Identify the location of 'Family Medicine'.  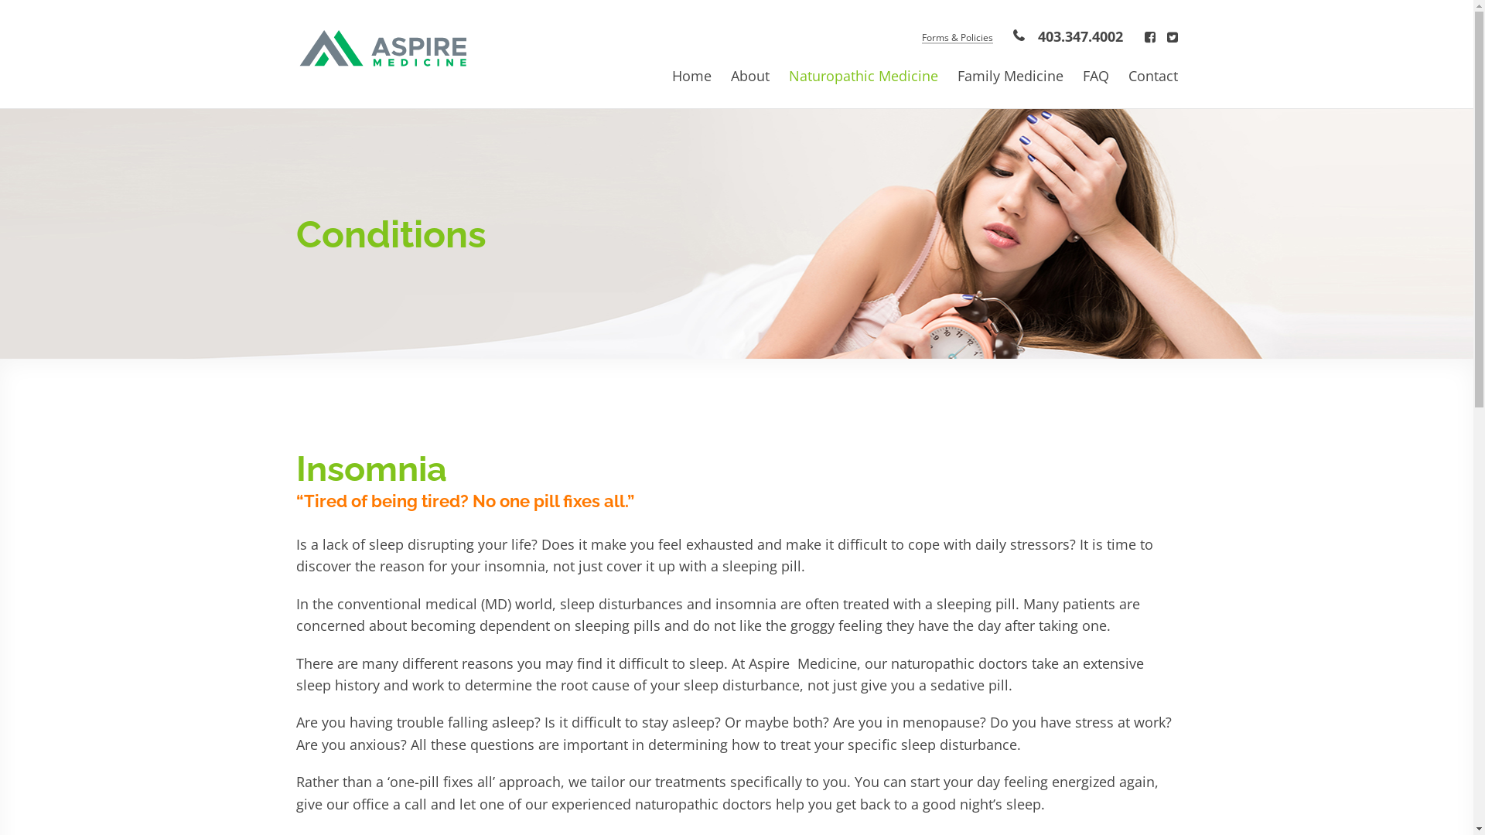
(1010, 75).